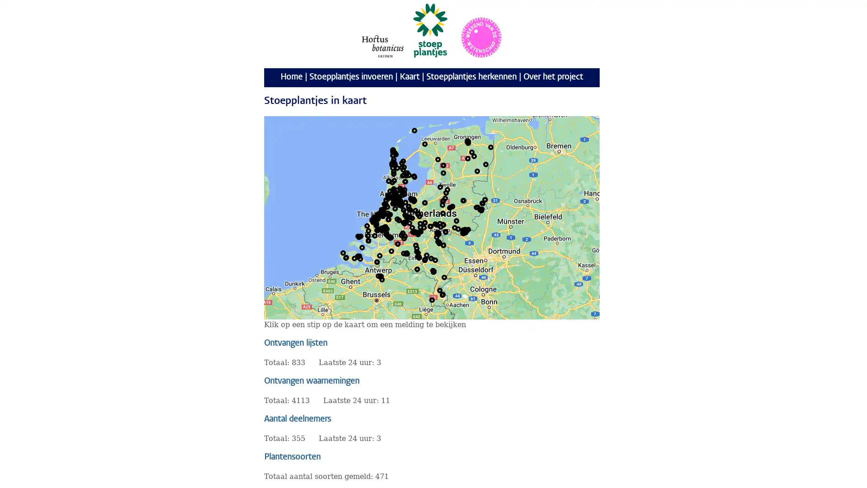  I want to click on Telling van Seb Guanzon op 28 oktober 2021, so click(381, 276).